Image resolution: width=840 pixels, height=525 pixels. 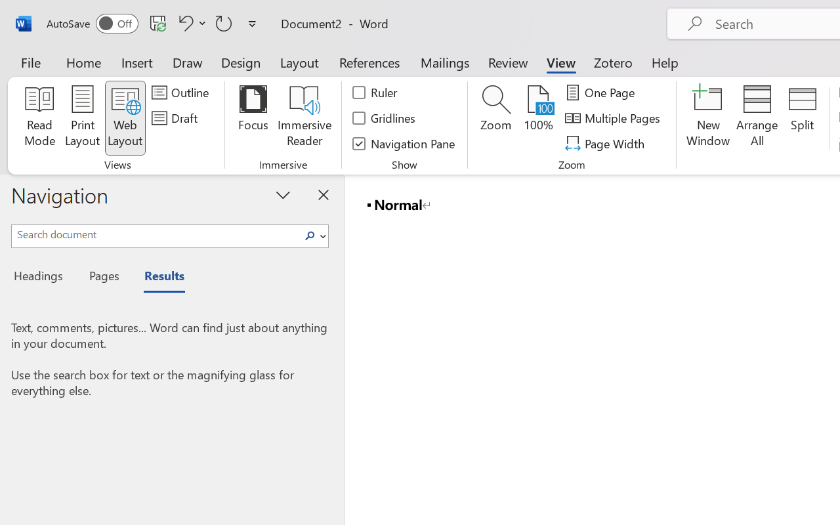 What do you see at coordinates (176, 117) in the screenshot?
I see `'Draft'` at bounding box center [176, 117].